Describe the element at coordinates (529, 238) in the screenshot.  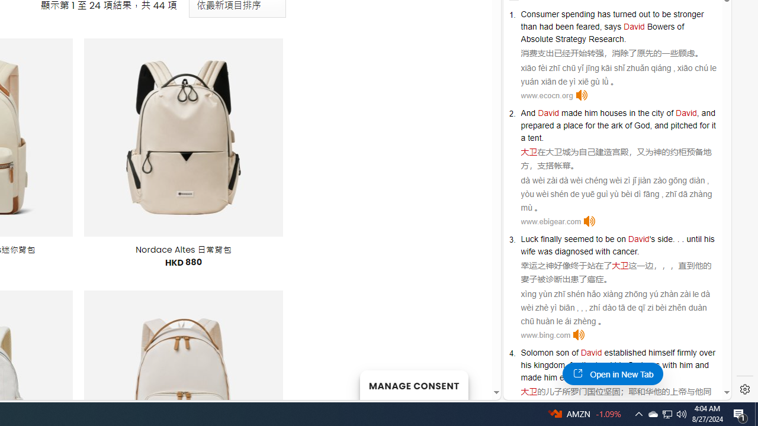
I see `'Luck'` at that location.